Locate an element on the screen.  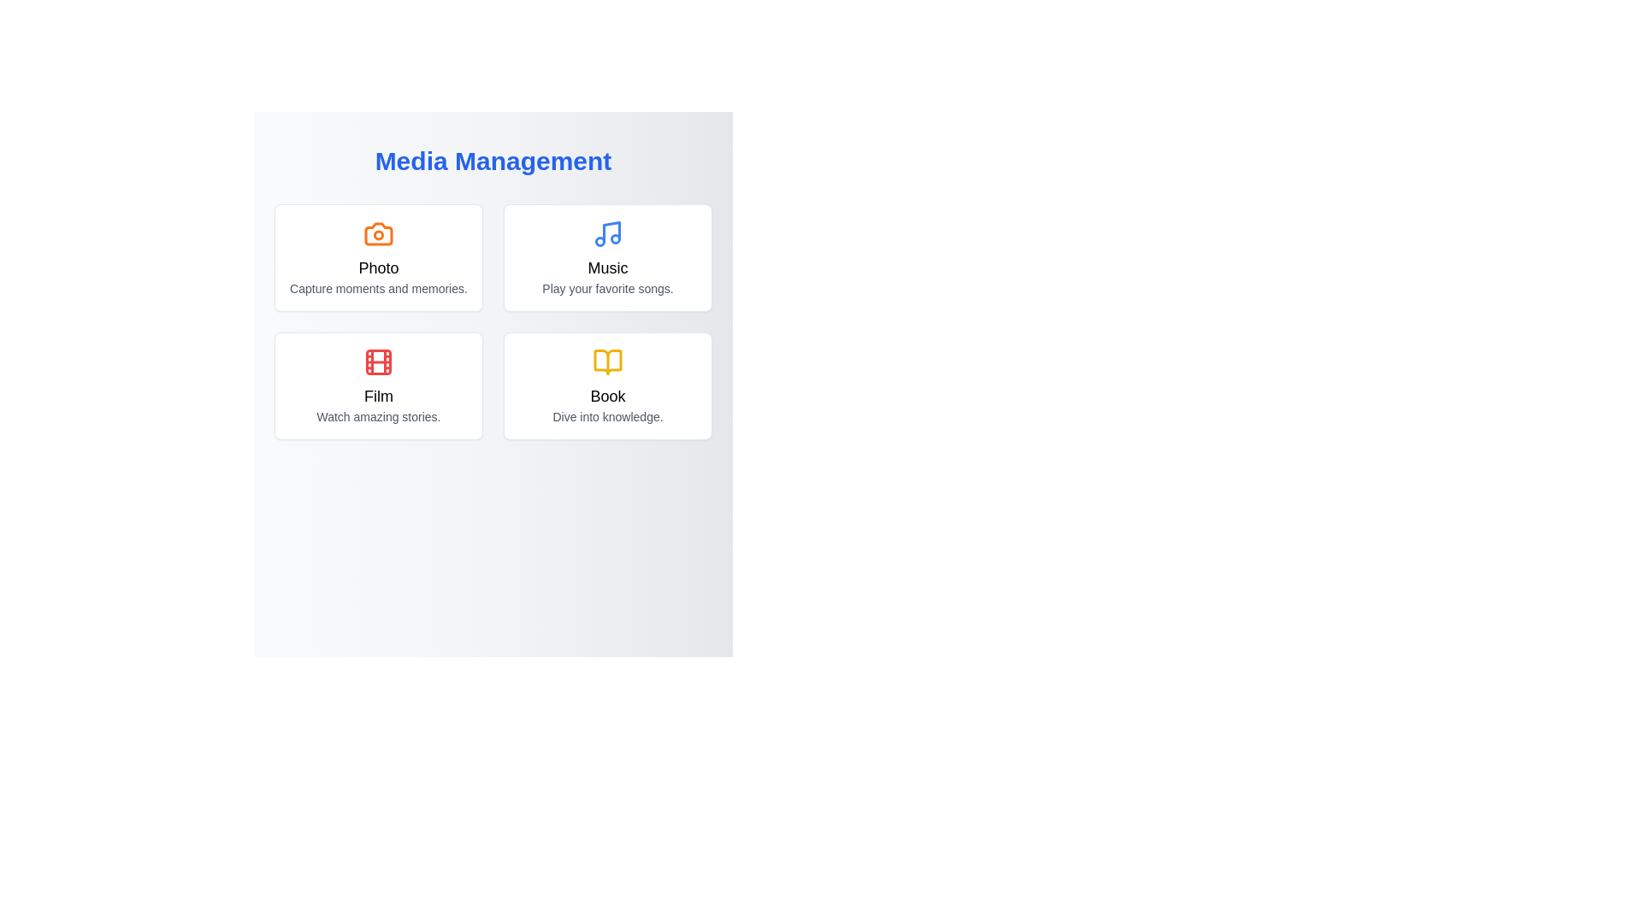
the button for managing photos located in the top-left quadrant of the Media Management interface is located at coordinates (377, 257).